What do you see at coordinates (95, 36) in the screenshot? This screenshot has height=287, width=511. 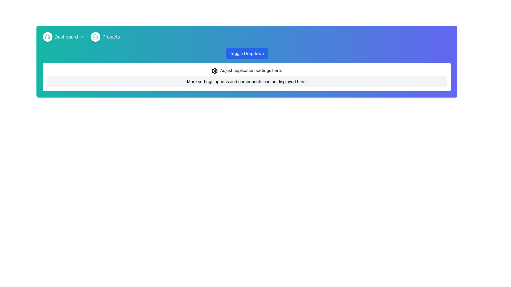 I see `the circular icon with a white background and teal border that contains a teal-colored graphic of a document with lines, located to the left of the text 'Projects'` at bounding box center [95, 36].